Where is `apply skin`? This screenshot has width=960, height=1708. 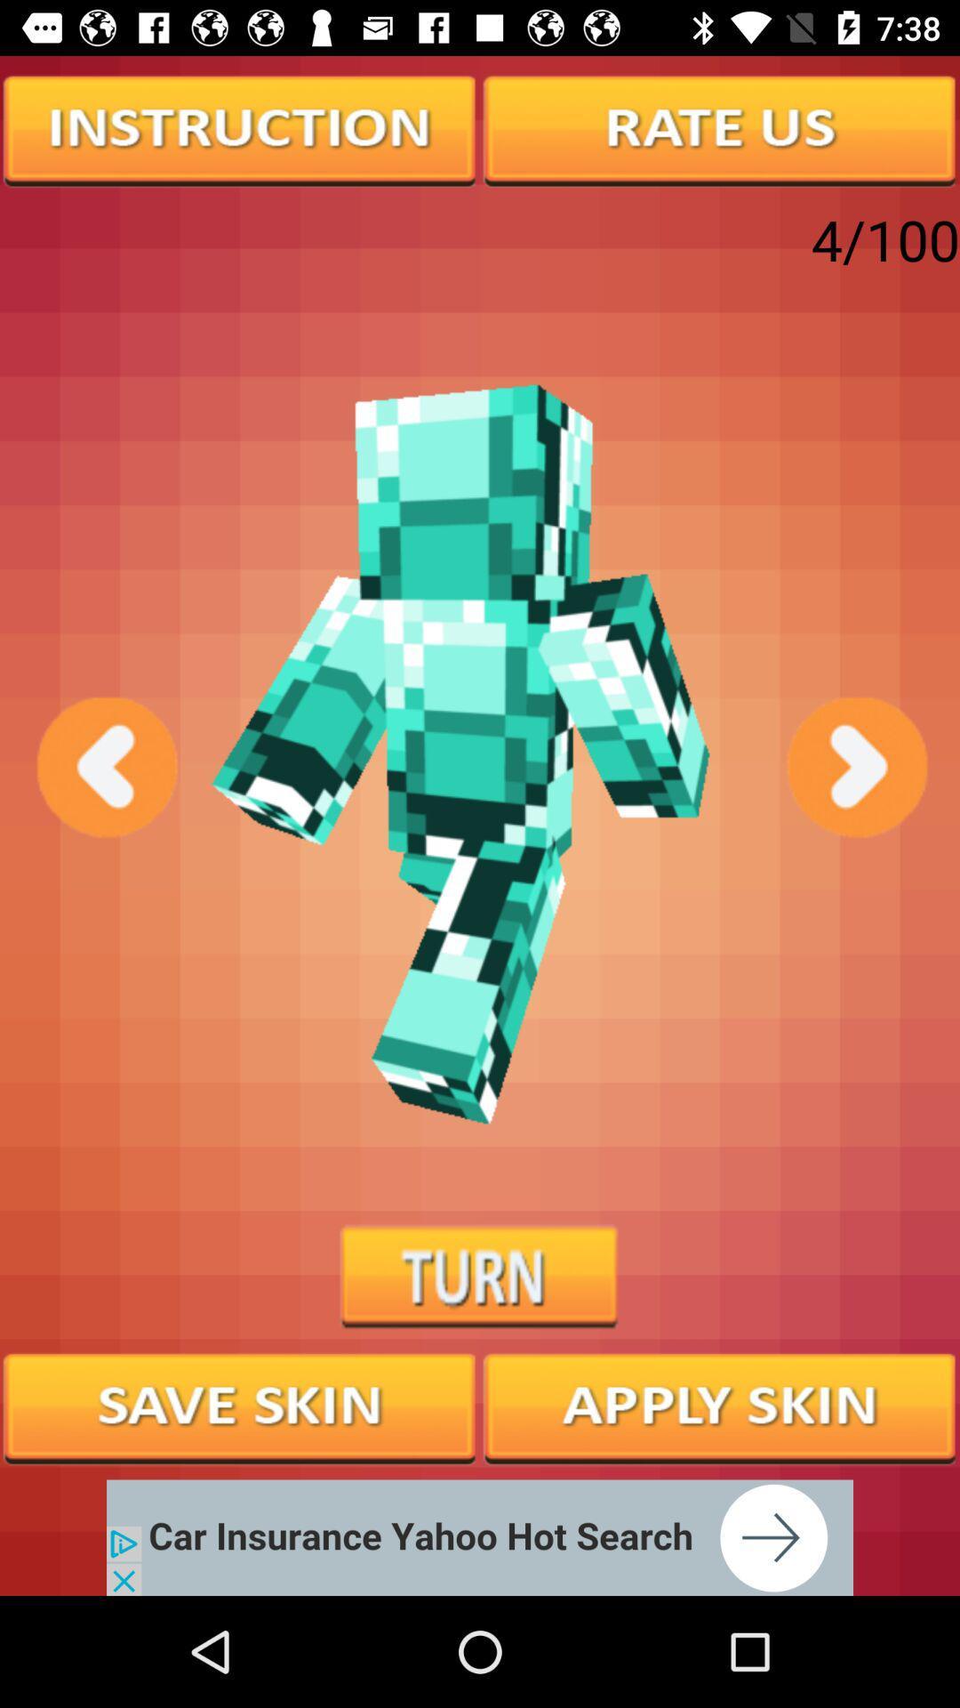
apply skin is located at coordinates (720, 1406).